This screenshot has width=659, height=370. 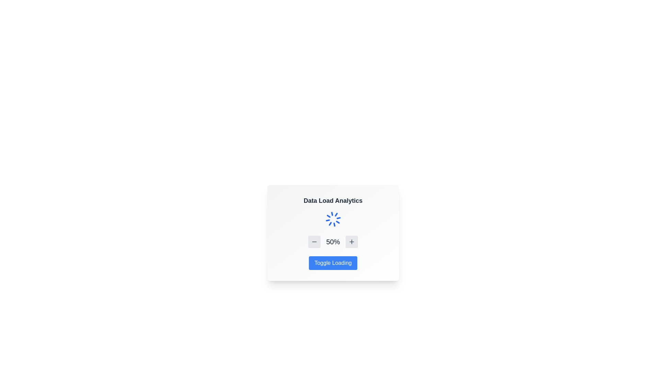 What do you see at coordinates (351, 241) in the screenshot?
I see `the 'increase' or 'add' button located below the text '50%', positioned between the minus button and the main panel's bottom edge` at bounding box center [351, 241].